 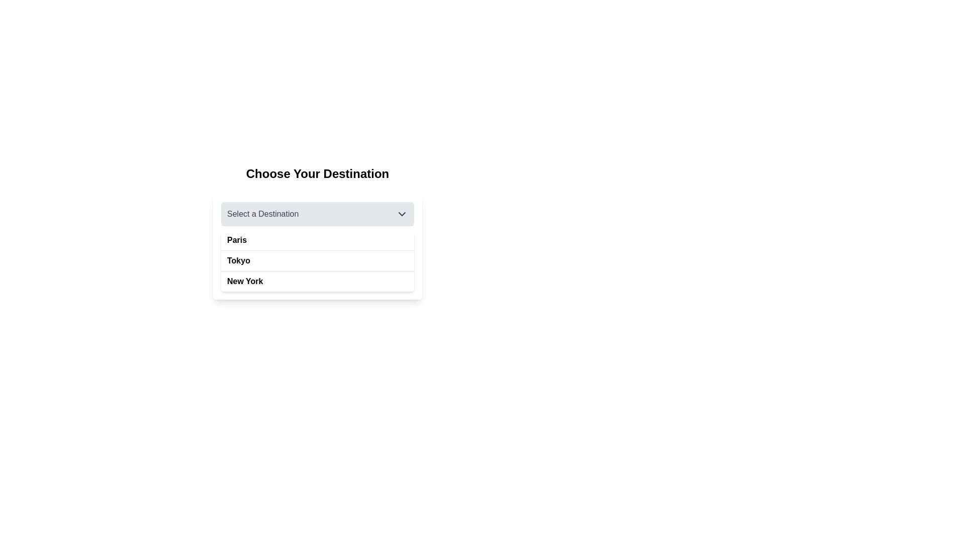 I want to click on the 'Paris' menu option in the dropdown list, so click(x=317, y=240).